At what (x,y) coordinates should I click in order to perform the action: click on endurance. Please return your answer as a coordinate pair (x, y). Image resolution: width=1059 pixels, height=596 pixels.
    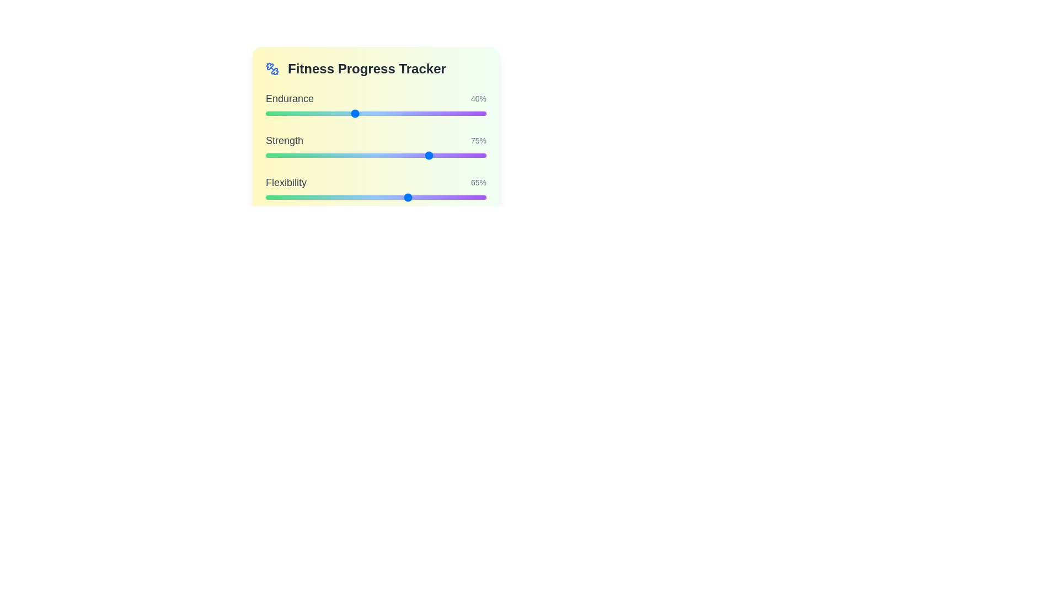
    Looking at the image, I should click on (309, 113).